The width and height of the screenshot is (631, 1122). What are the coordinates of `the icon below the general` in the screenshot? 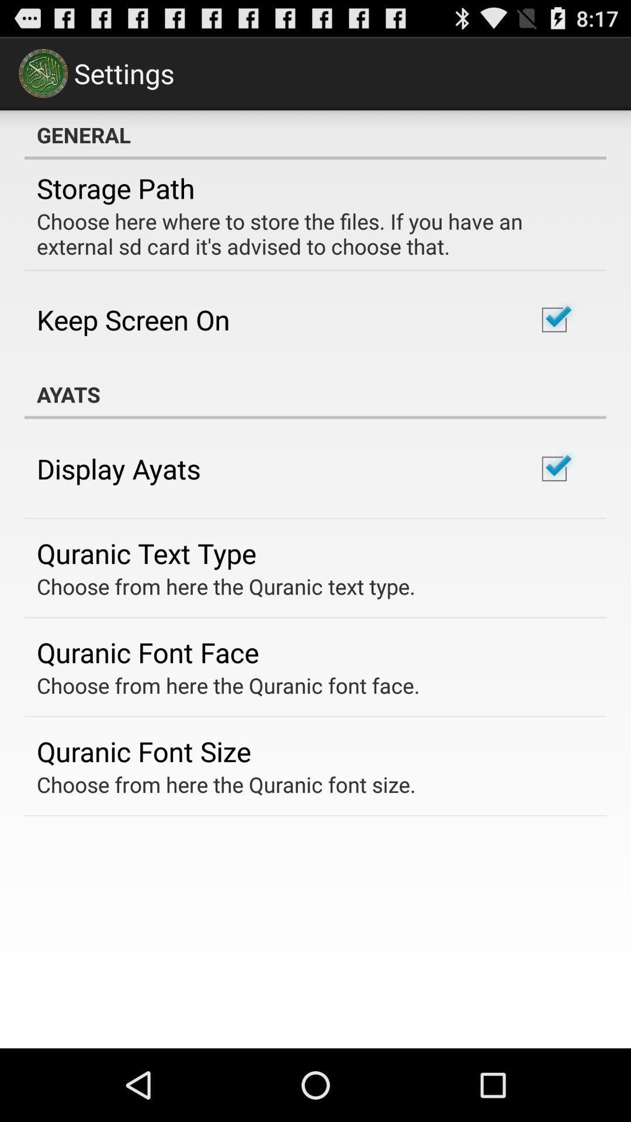 It's located at (116, 188).